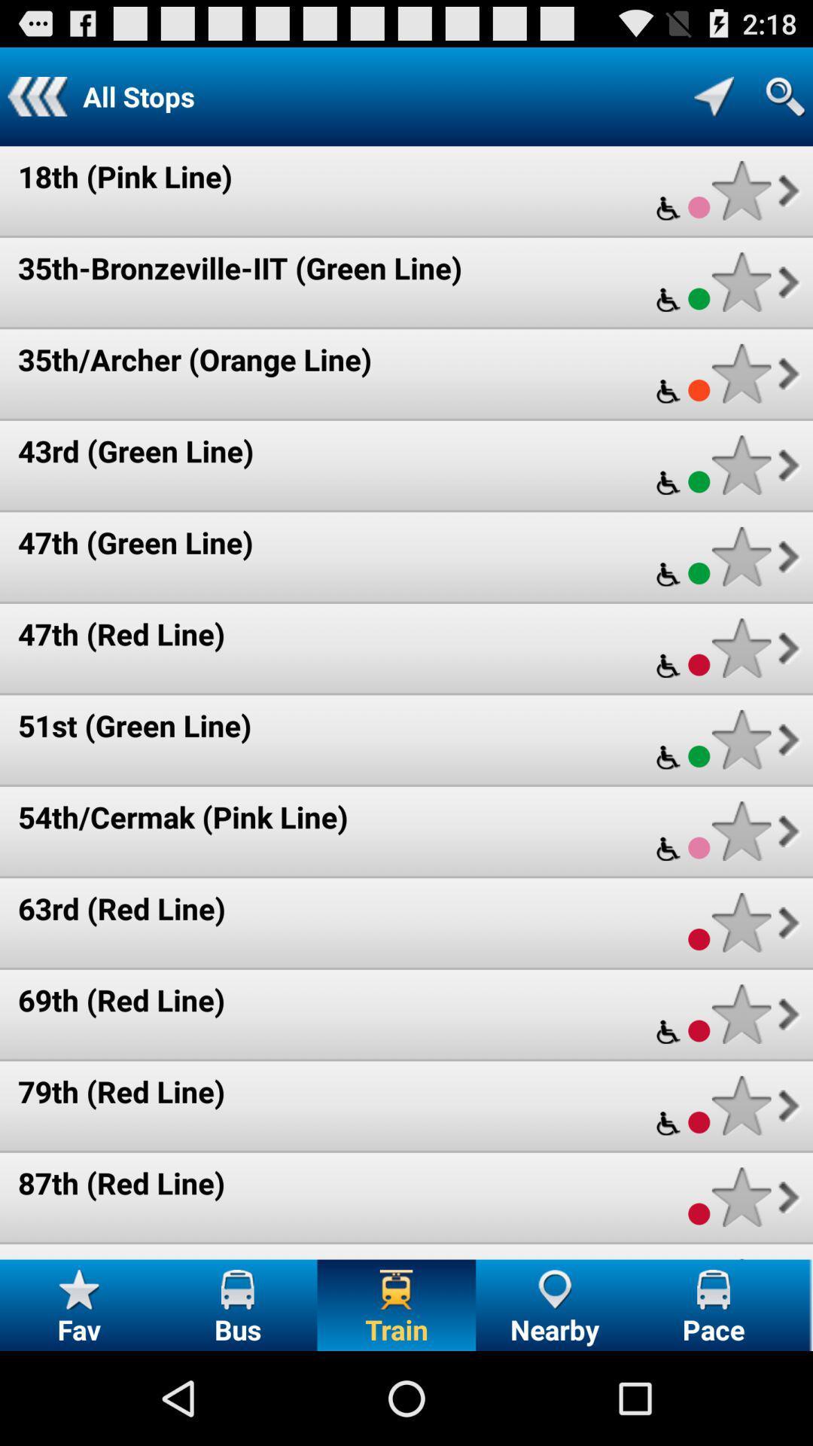  I want to click on item to the left of all stops icon, so click(36, 96).